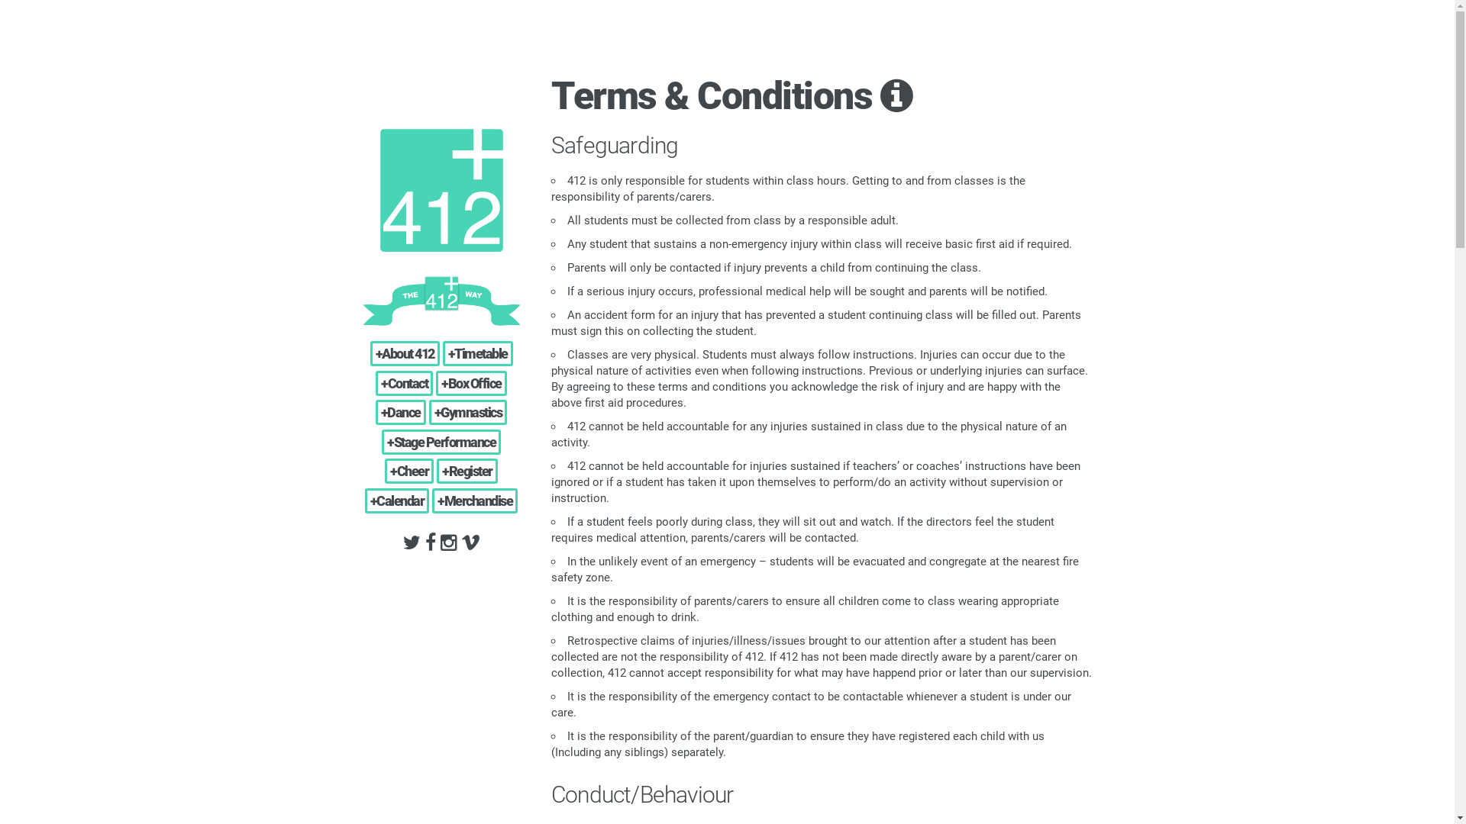 The width and height of the screenshot is (1466, 824). Describe the element at coordinates (474, 501) in the screenshot. I see `'+Merchandise'` at that location.